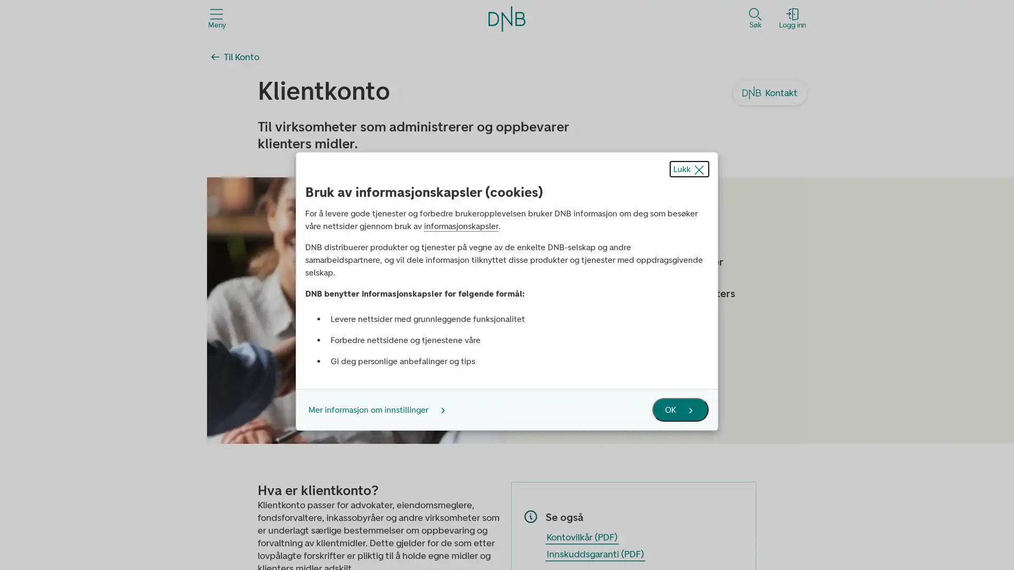 This screenshot has height=570, width=1014. I want to click on Kontakt, so click(770, 92).